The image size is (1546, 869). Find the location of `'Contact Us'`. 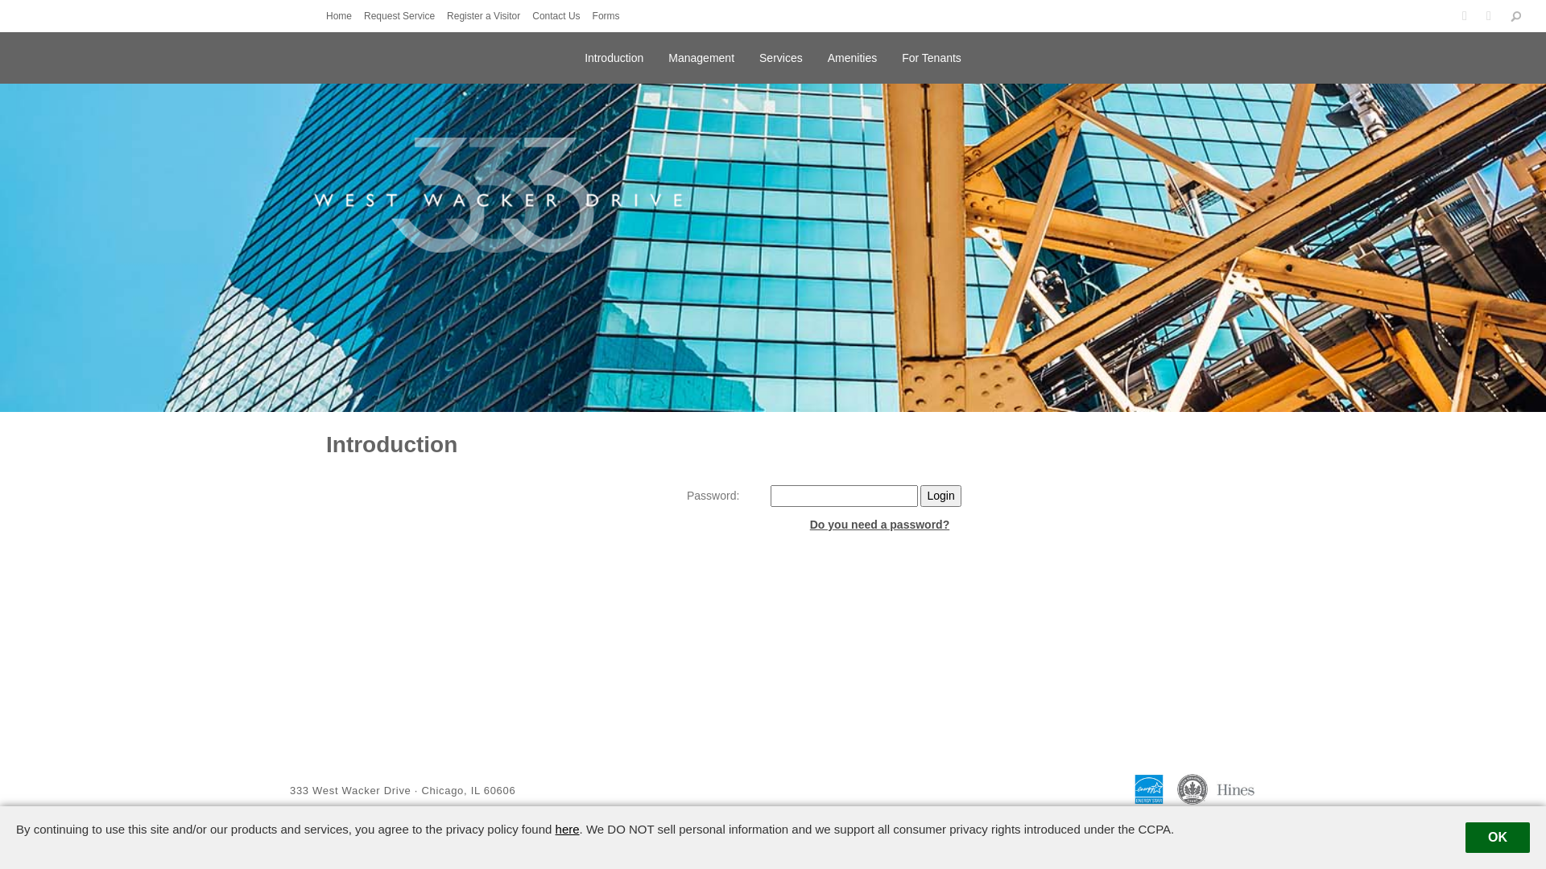

'Contact Us' is located at coordinates (560, 15).